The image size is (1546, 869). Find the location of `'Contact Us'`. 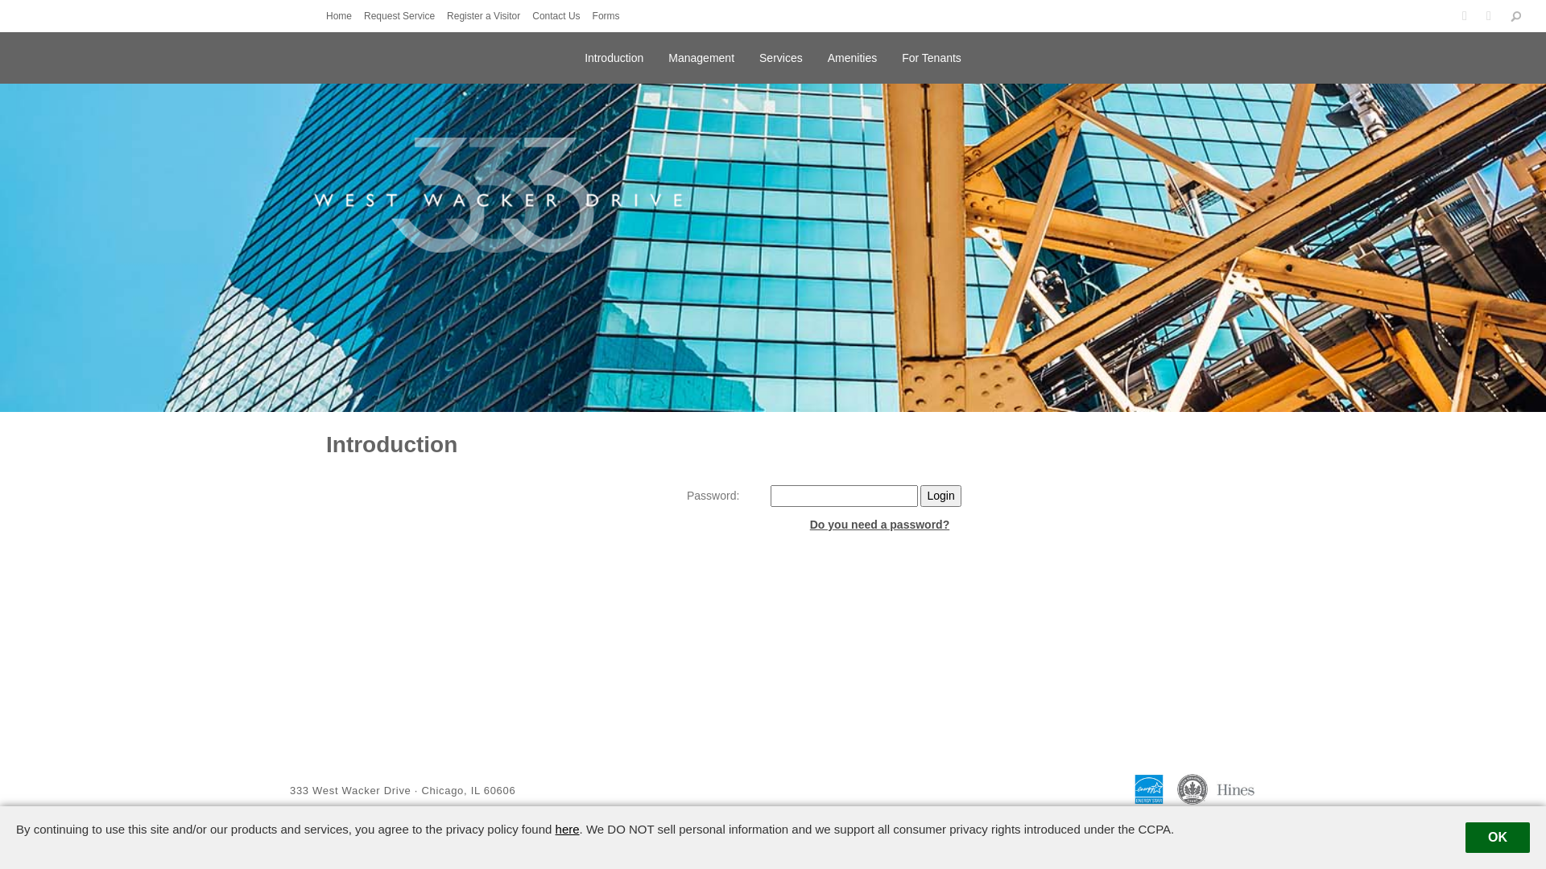

'Contact Us' is located at coordinates (560, 15).